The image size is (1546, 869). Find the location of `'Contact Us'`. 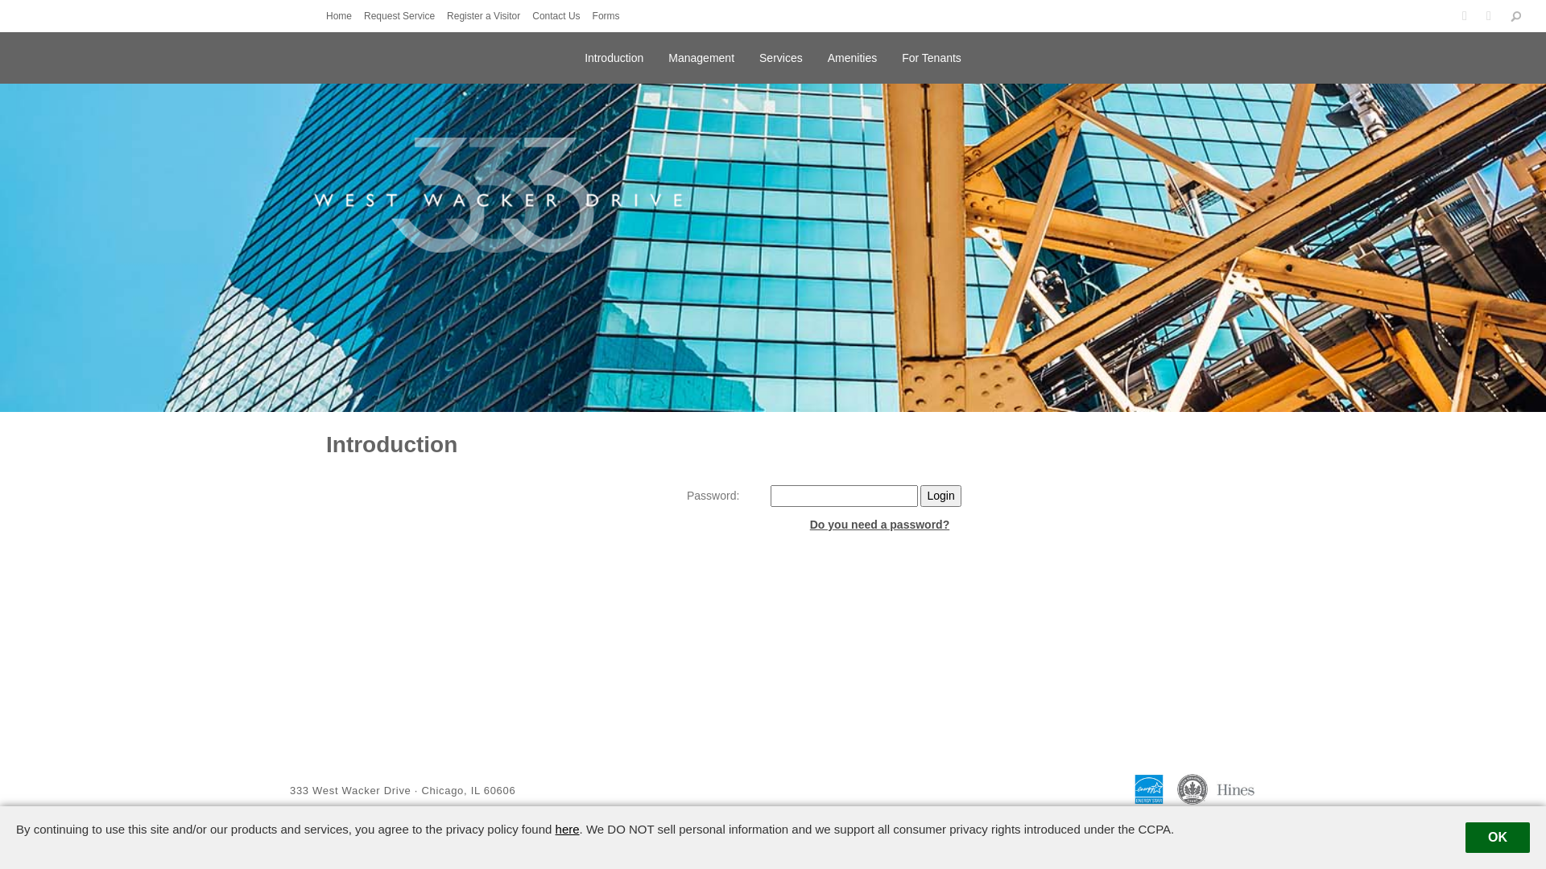

'Contact Us' is located at coordinates (560, 15).